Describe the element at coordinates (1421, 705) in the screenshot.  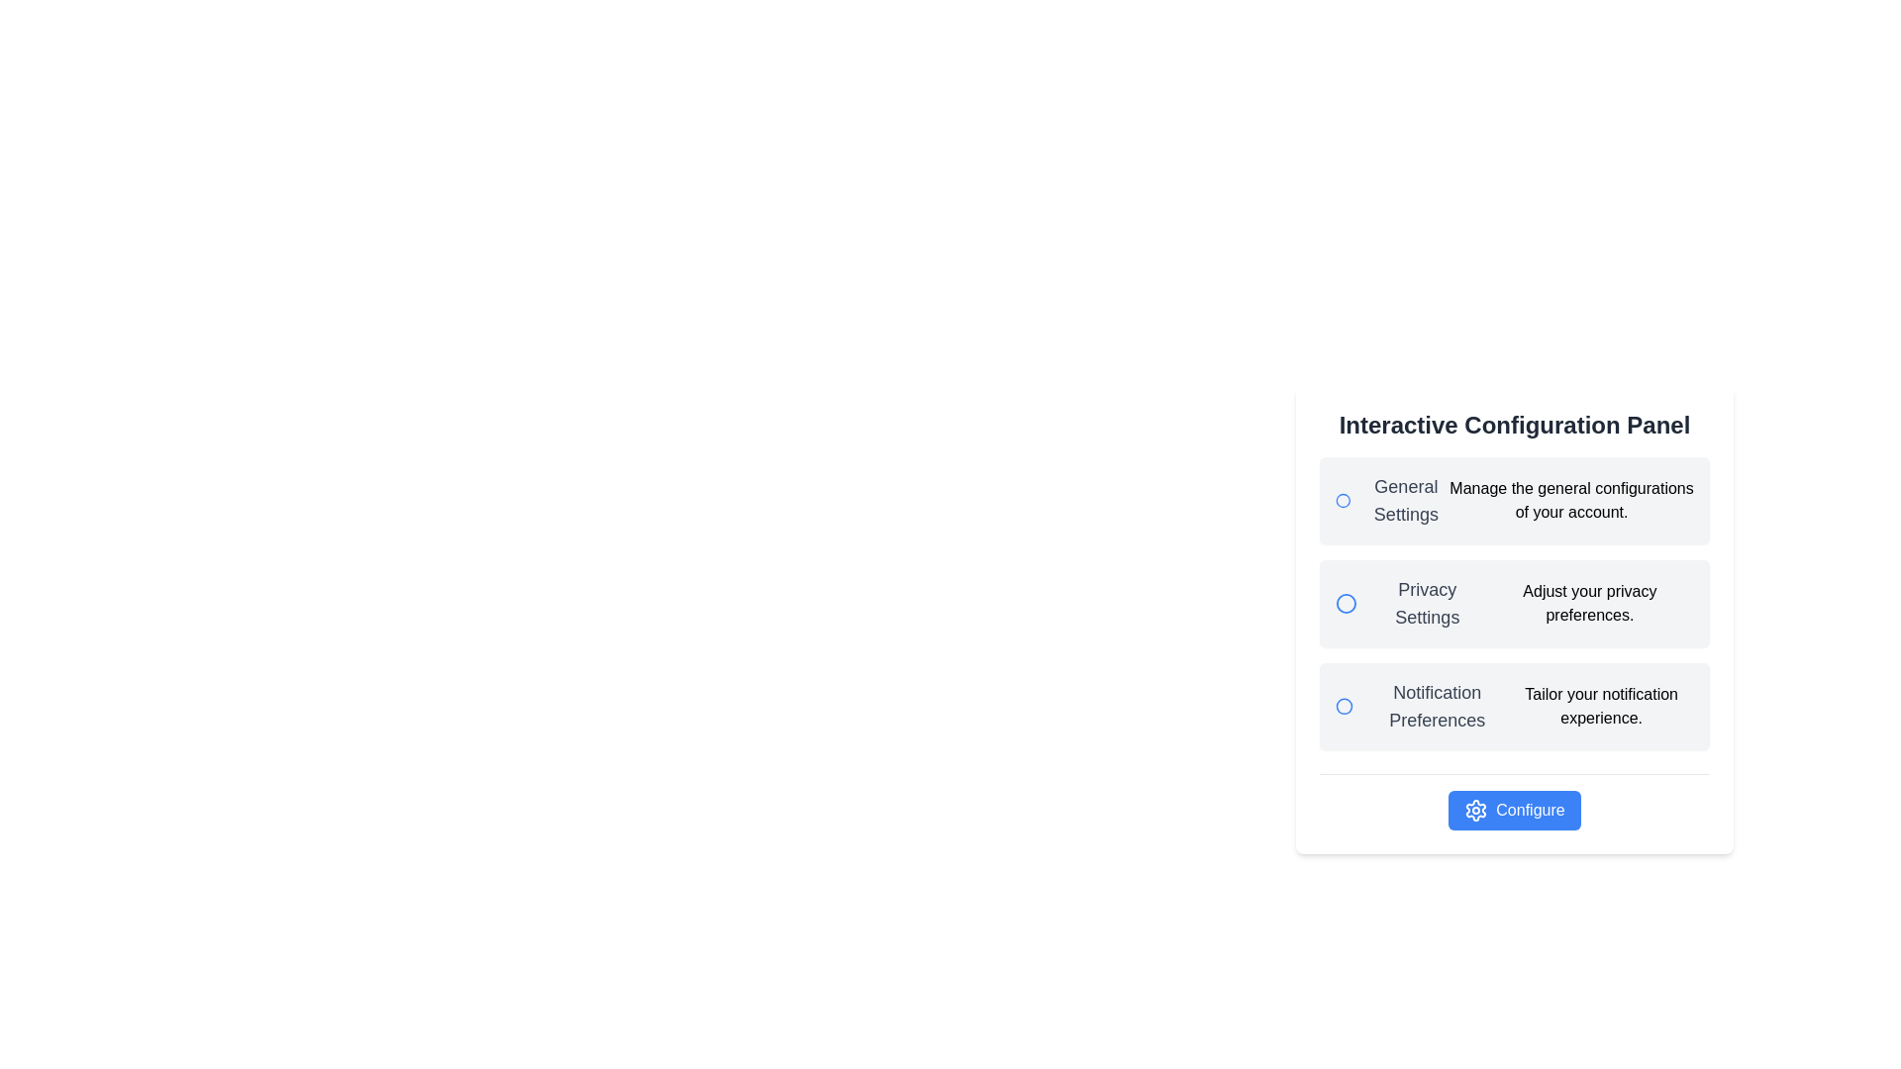
I see `the text label 'Notification Preferences' which is styled in medium, dark gray font and is located adjacent to a circular blue icon in the 'Interactive Configuration Panel'` at that location.